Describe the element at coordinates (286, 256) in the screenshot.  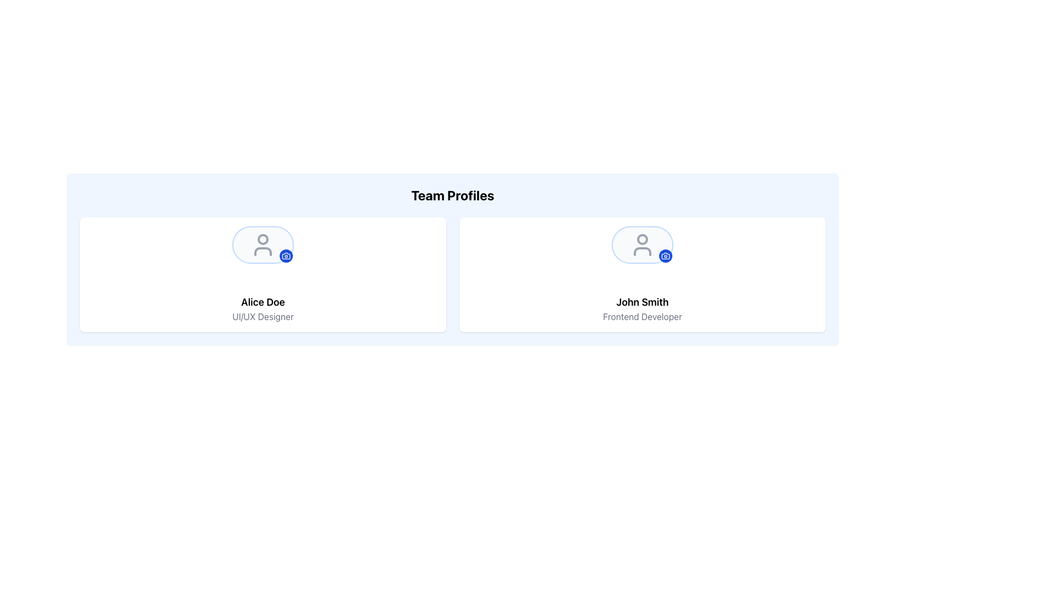
I see `the small circular blue button with a white camera icon located at the bottom-right corner of Alice Doe's profile card` at that location.